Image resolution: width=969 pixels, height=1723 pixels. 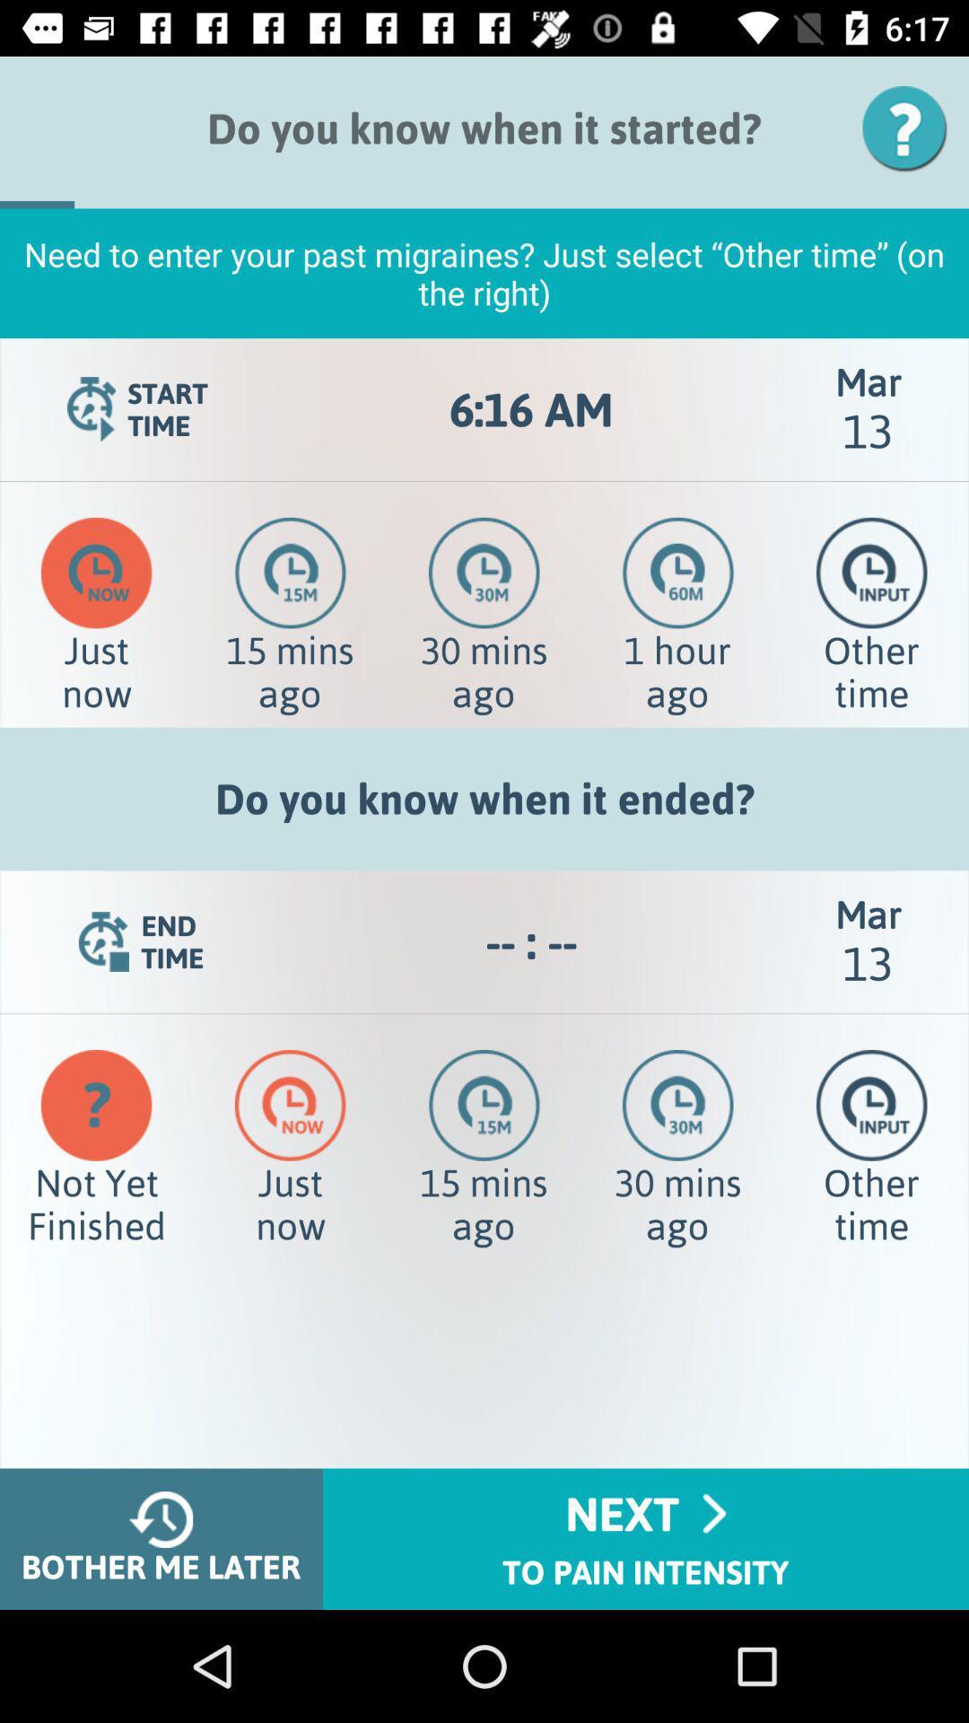 I want to click on the time icon, so click(x=96, y=572).